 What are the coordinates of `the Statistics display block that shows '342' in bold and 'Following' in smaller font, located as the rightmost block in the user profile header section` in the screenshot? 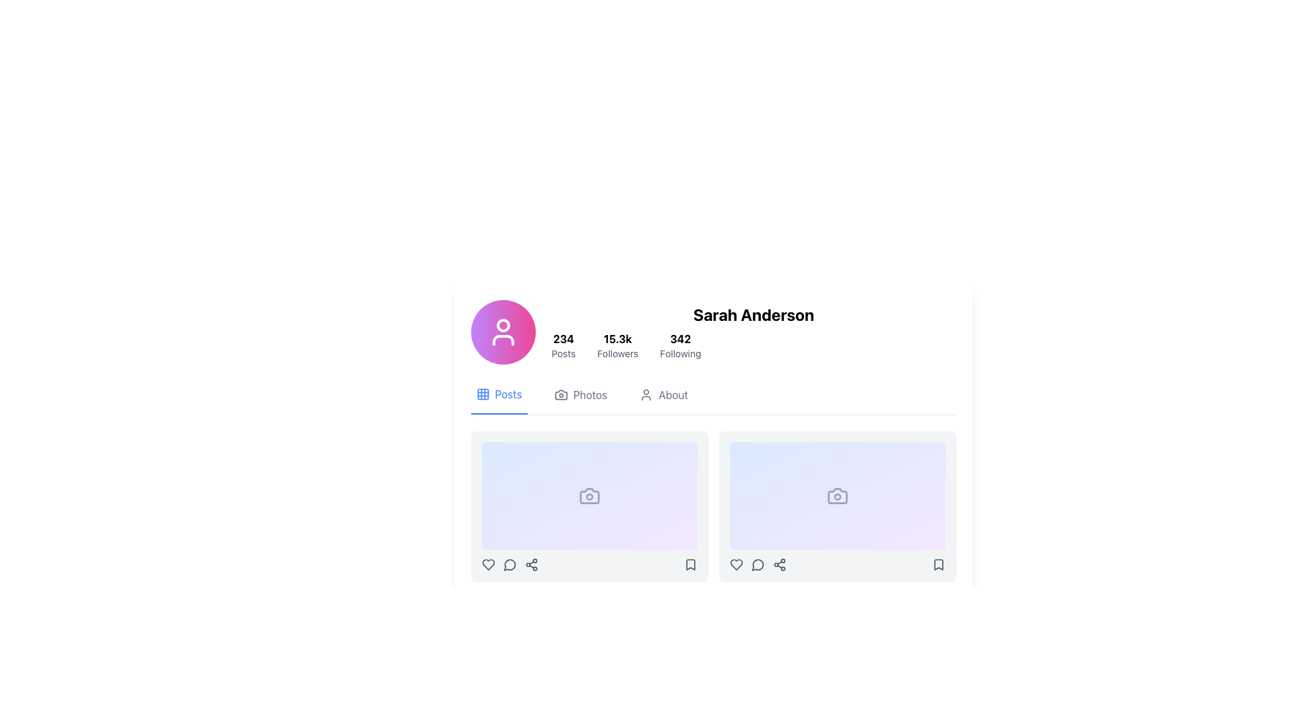 It's located at (680, 345).